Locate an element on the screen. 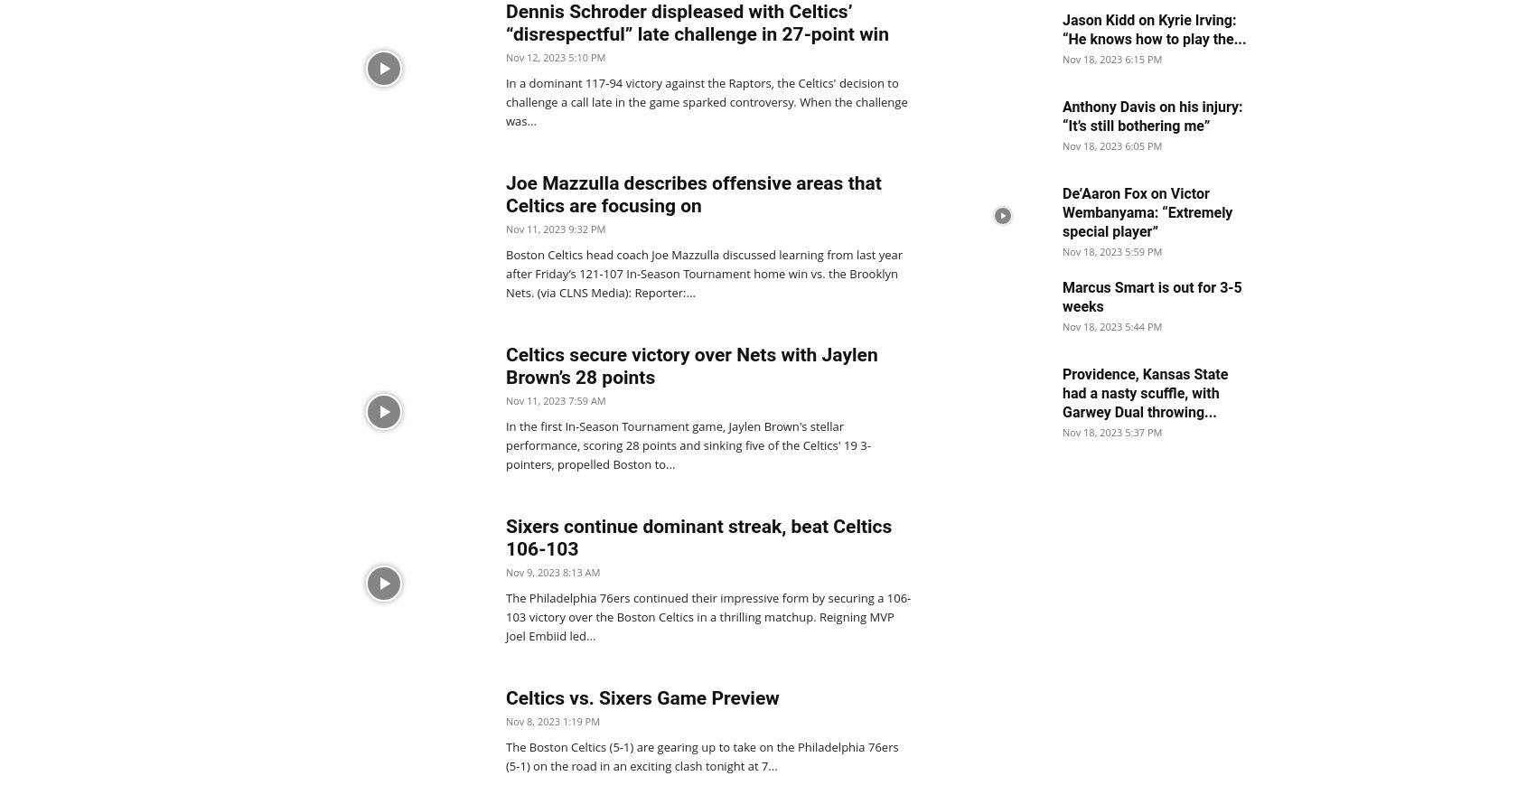 Image resolution: width=1536 pixels, height=804 pixels. 'Boston Celtics head coach Joe Mazzulla discussed learning from last year after Friday’s 121-107 In-Season Tournament home win vs. the Brooklyn Nets. (via CLNS Media): Reporter:...' is located at coordinates (703, 273).